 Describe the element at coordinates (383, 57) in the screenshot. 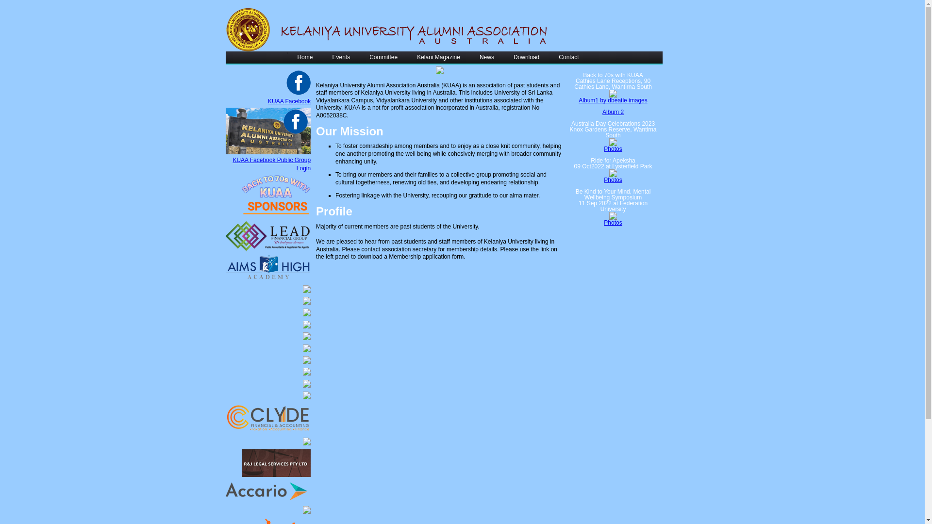

I see `'Committee'` at that location.